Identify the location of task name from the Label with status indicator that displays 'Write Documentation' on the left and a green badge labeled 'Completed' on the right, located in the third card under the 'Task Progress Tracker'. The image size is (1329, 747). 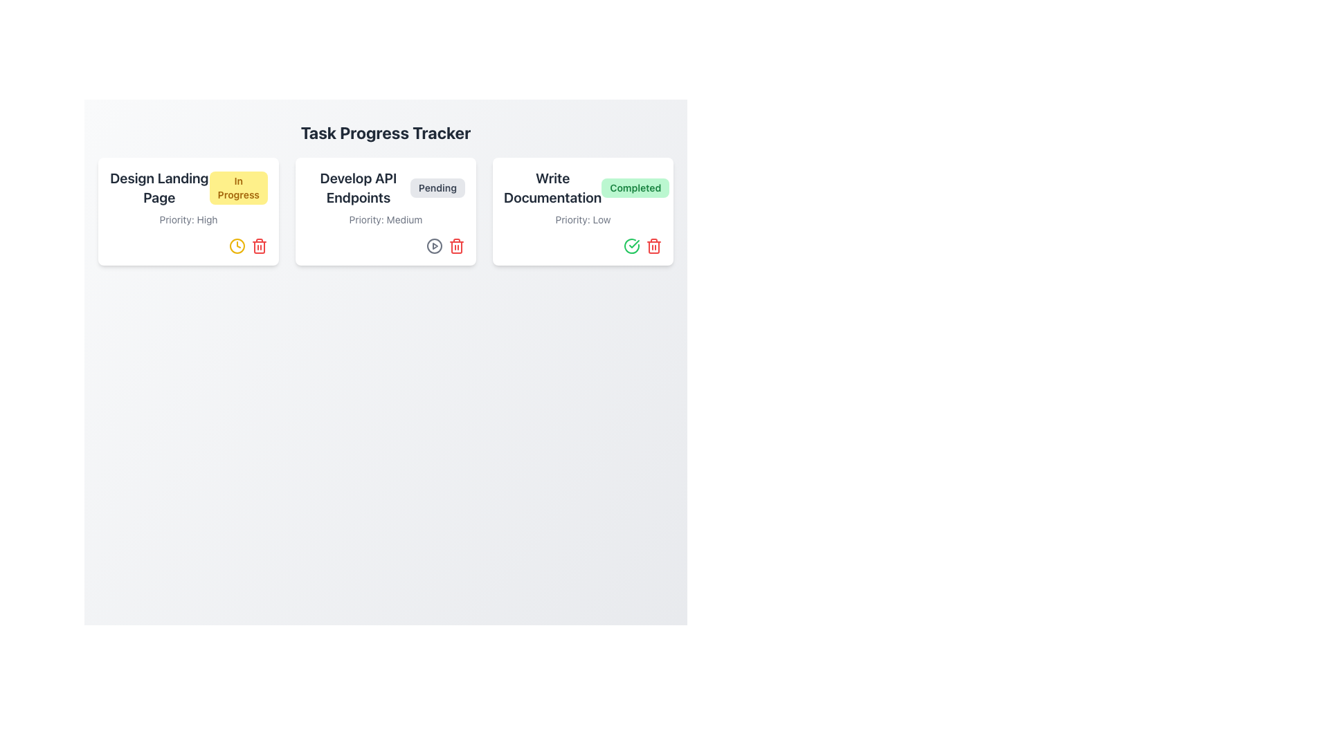
(583, 188).